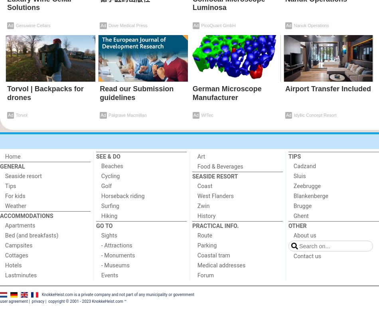  I want to click on 'Medical addresses', so click(221, 265).